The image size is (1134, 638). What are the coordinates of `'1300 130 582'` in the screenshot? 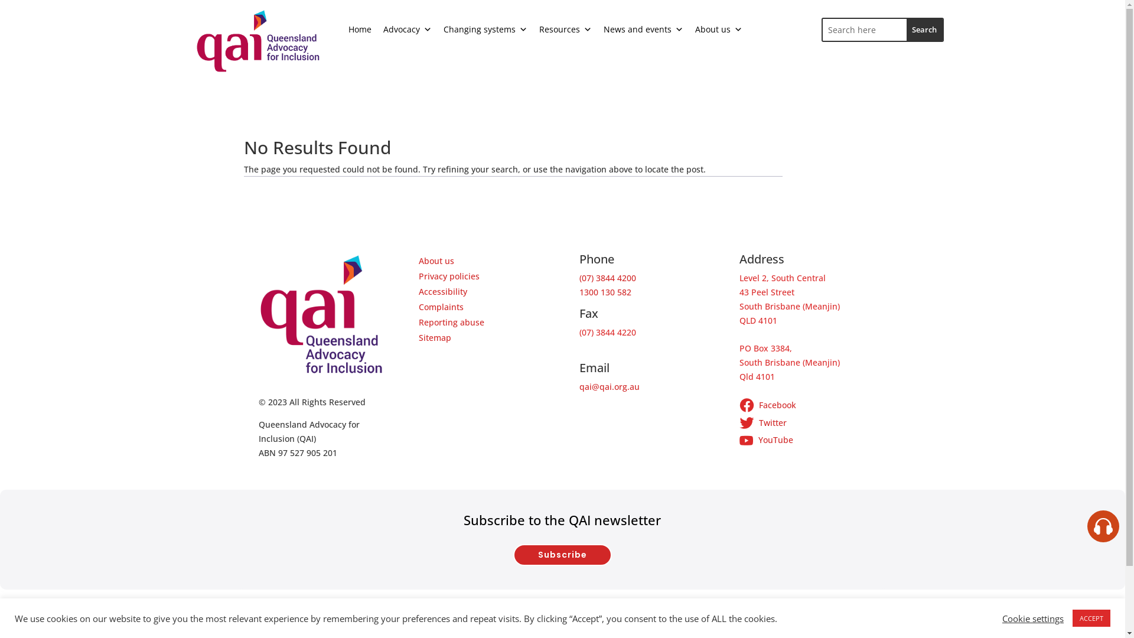 It's located at (605, 292).